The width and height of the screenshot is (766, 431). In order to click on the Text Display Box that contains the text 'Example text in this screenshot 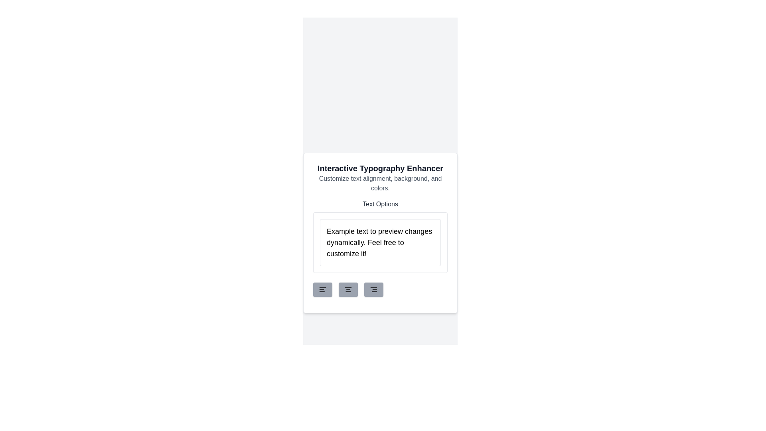, I will do `click(380, 235)`.